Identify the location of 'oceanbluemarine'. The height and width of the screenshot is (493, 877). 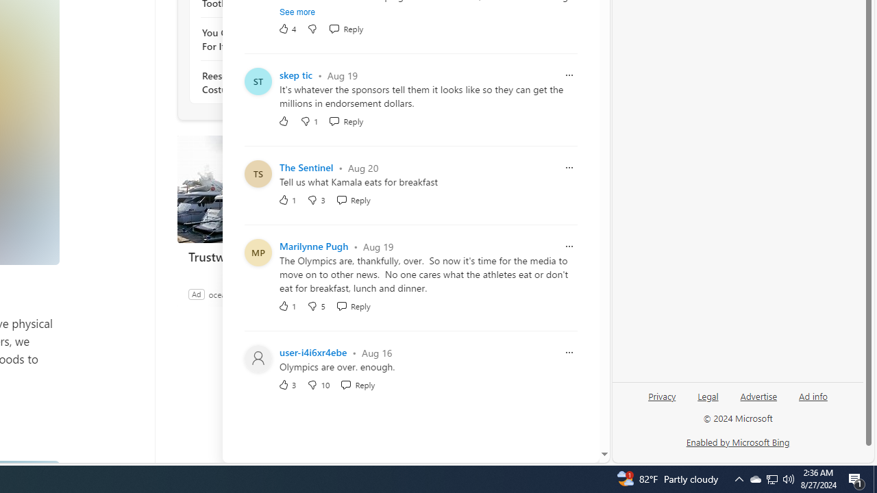
(240, 293).